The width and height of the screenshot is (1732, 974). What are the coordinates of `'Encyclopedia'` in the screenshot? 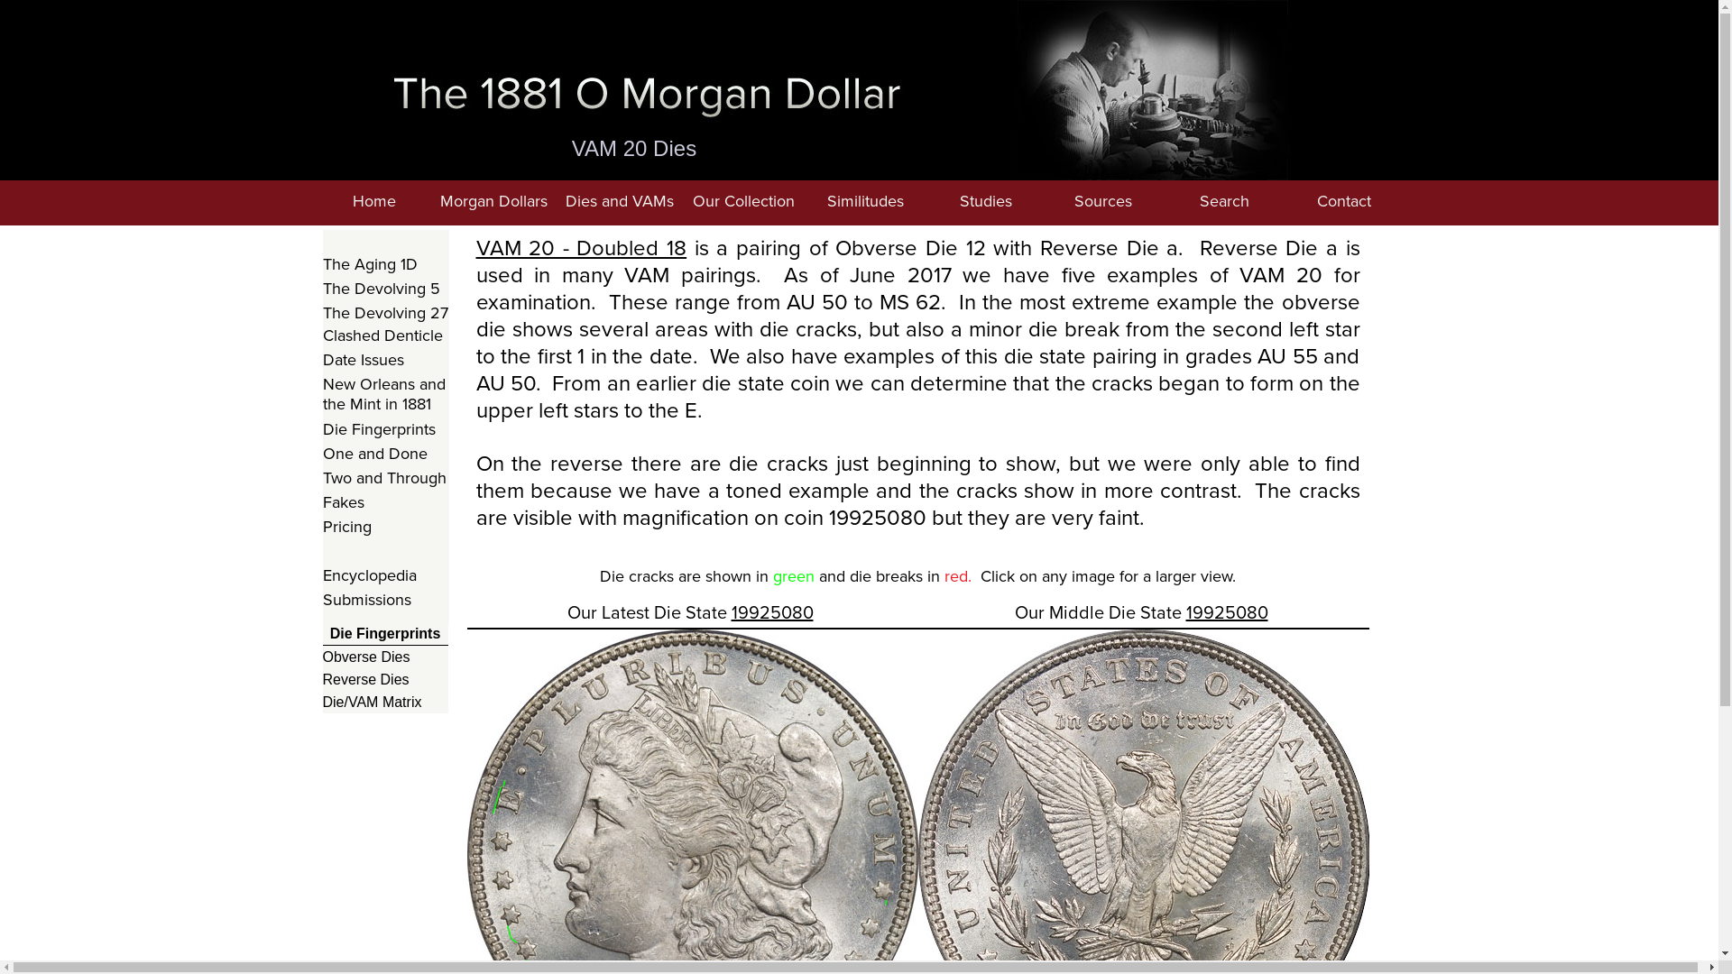 It's located at (323, 575).